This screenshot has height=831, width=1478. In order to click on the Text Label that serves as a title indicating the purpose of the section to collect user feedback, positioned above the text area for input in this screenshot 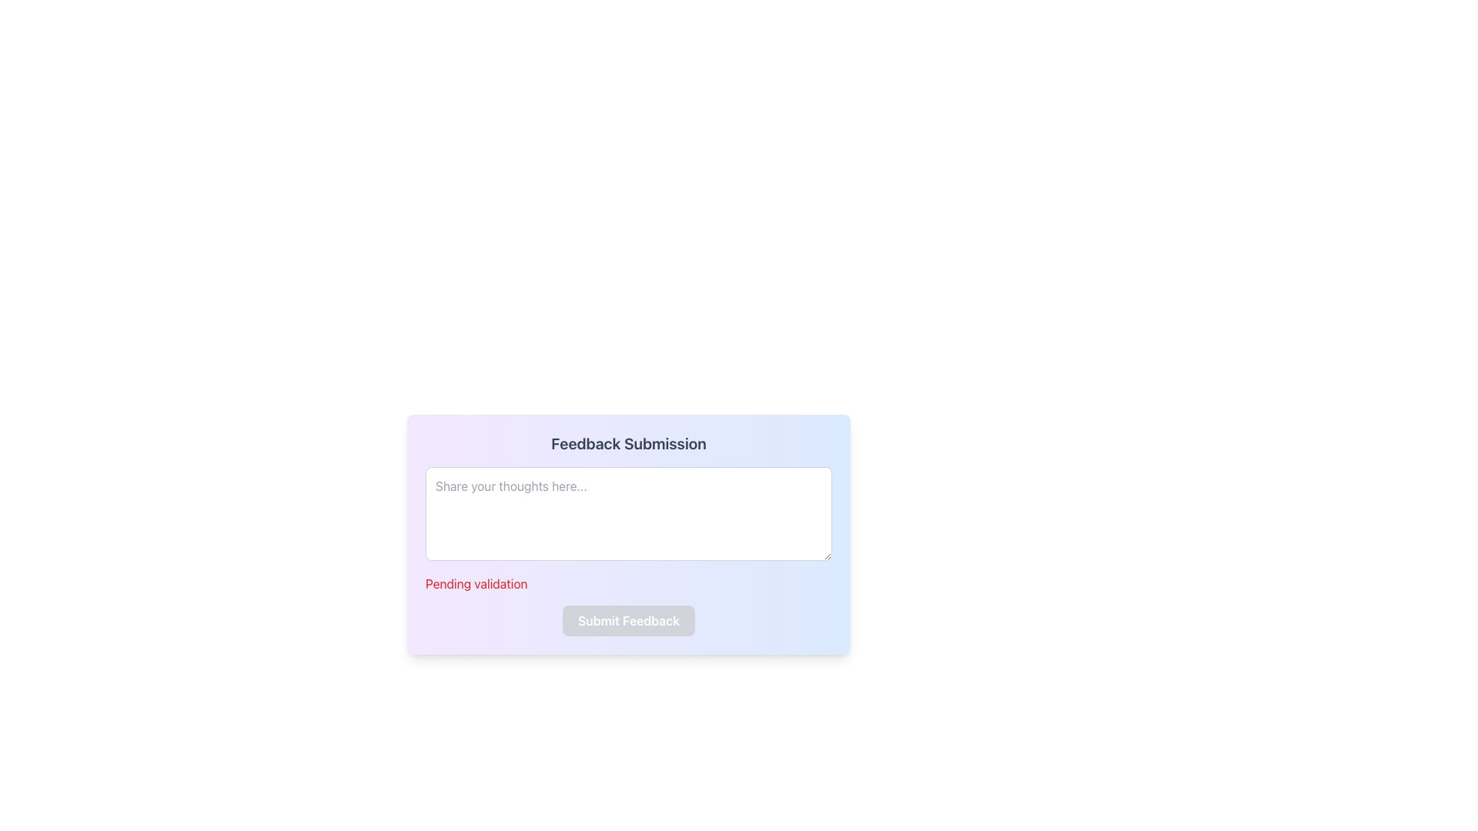, I will do `click(628, 444)`.